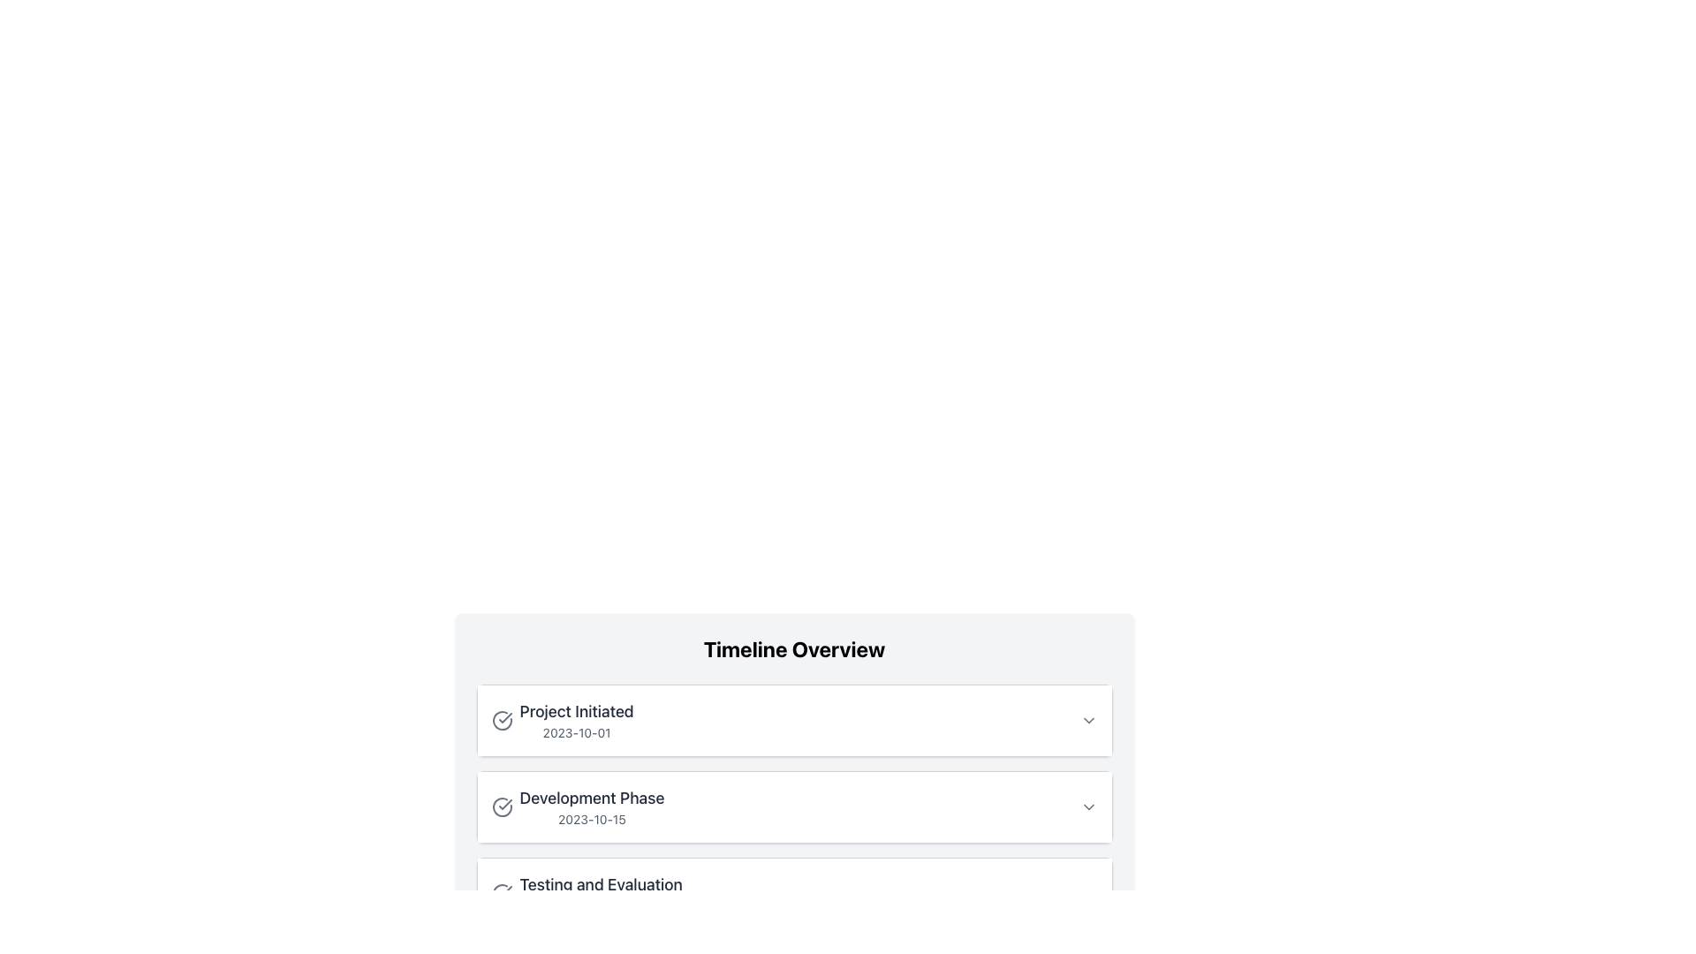 The width and height of the screenshot is (1696, 954). Describe the element at coordinates (576, 711) in the screenshot. I see `the heading text indicating the title or description of a specific phase or step in the 'Timeline Overview', which is located above the date label '2023-10-01'` at that location.